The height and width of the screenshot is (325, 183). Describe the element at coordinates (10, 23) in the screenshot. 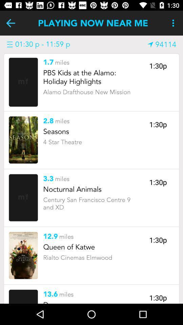

I see `playing` at that location.